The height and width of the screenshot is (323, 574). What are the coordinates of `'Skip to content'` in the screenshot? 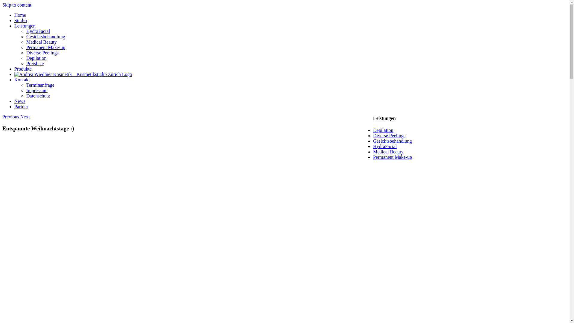 It's located at (17, 5).